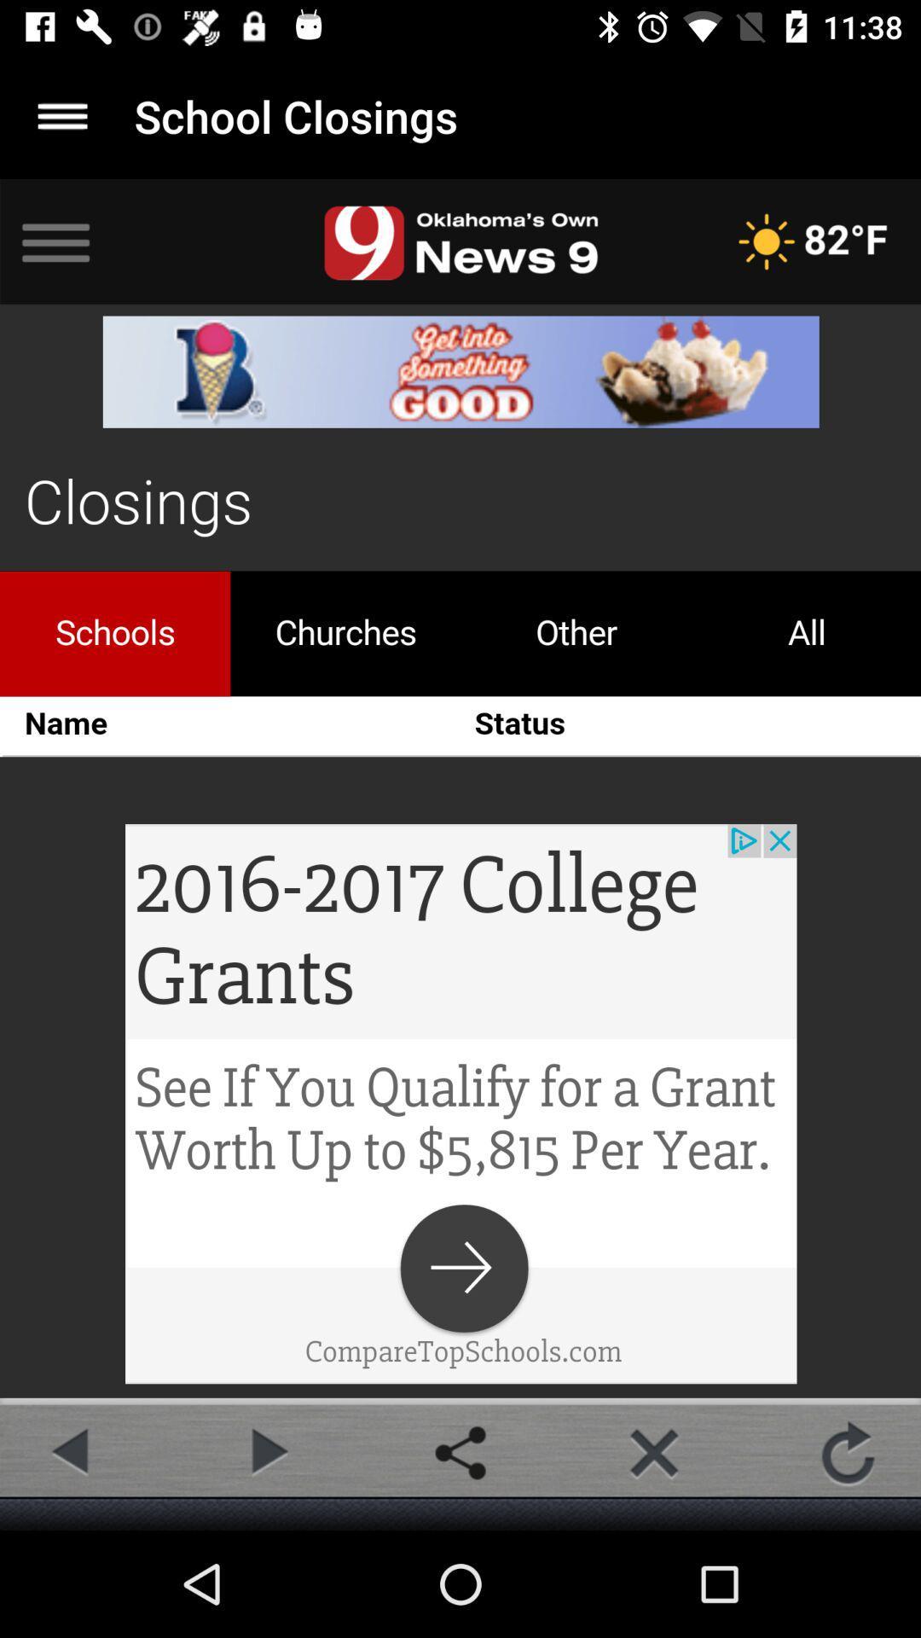 Image resolution: width=921 pixels, height=1638 pixels. I want to click on delect selection, so click(653, 1452).